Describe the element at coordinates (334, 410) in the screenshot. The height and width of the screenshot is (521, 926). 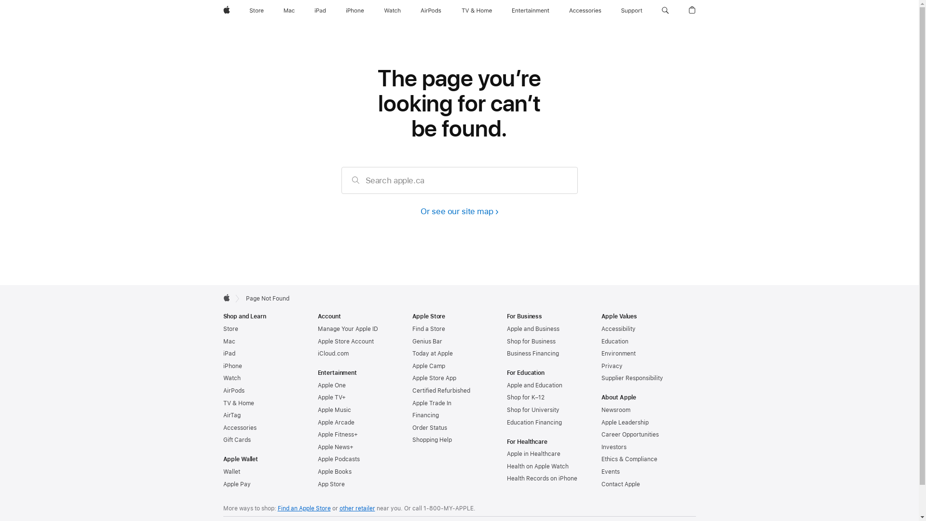
I see `'Apple Music'` at that location.